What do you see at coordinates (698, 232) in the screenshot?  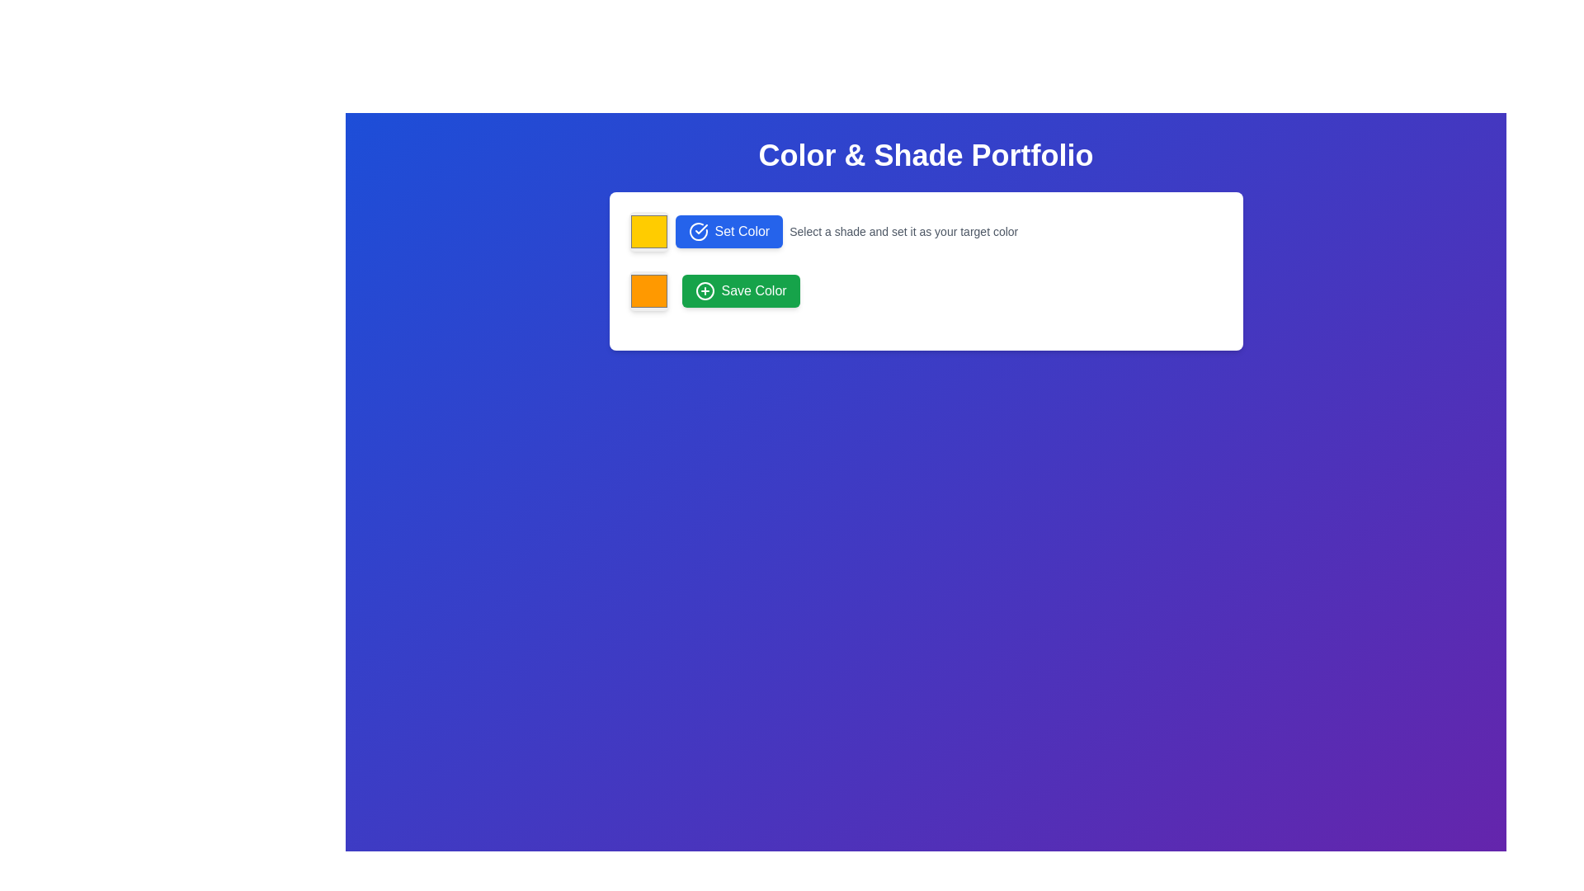 I see `circular icon with a check mark inside, styled with a blue background and white stroke, located to the immediate left of the 'Set Color' button` at bounding box center [698, 232].